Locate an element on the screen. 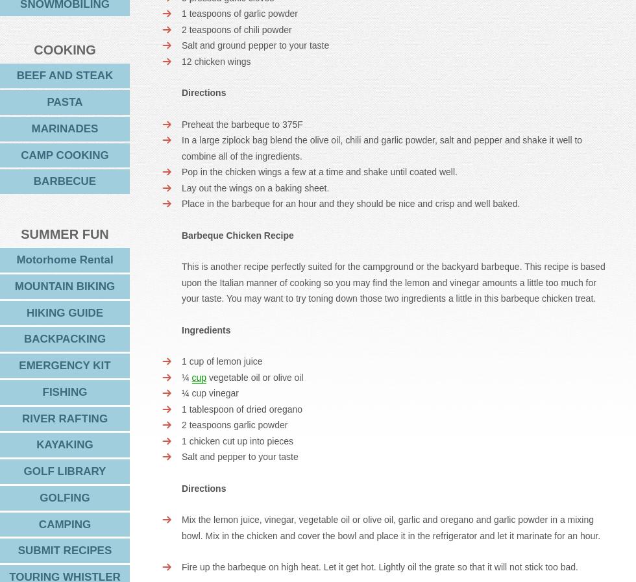 The width and height of the screenshot is (636, 582). 'MOUNTAIN BIKING' is located at coordinates (64, 285).